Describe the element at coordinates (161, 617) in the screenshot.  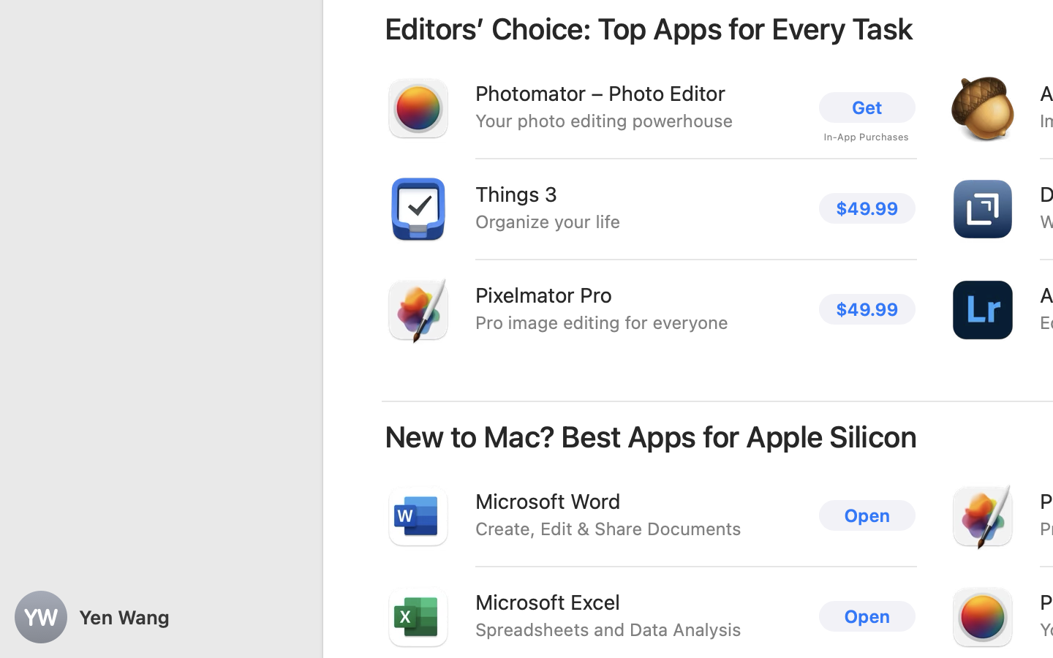
I see `'Yen Wang'` at that location.